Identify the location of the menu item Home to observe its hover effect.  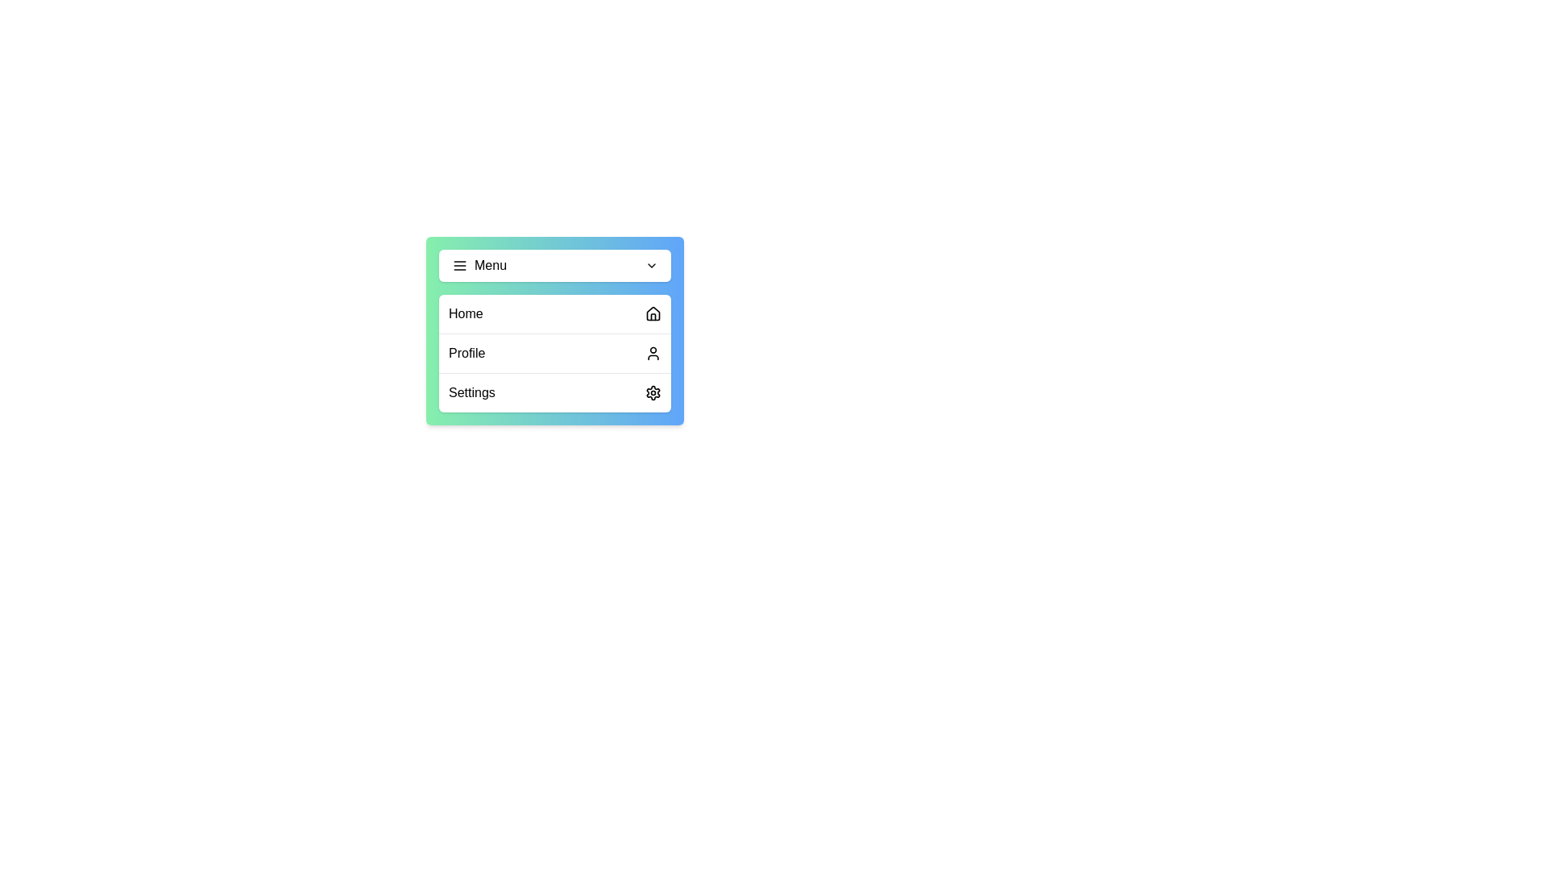
(555, 313).